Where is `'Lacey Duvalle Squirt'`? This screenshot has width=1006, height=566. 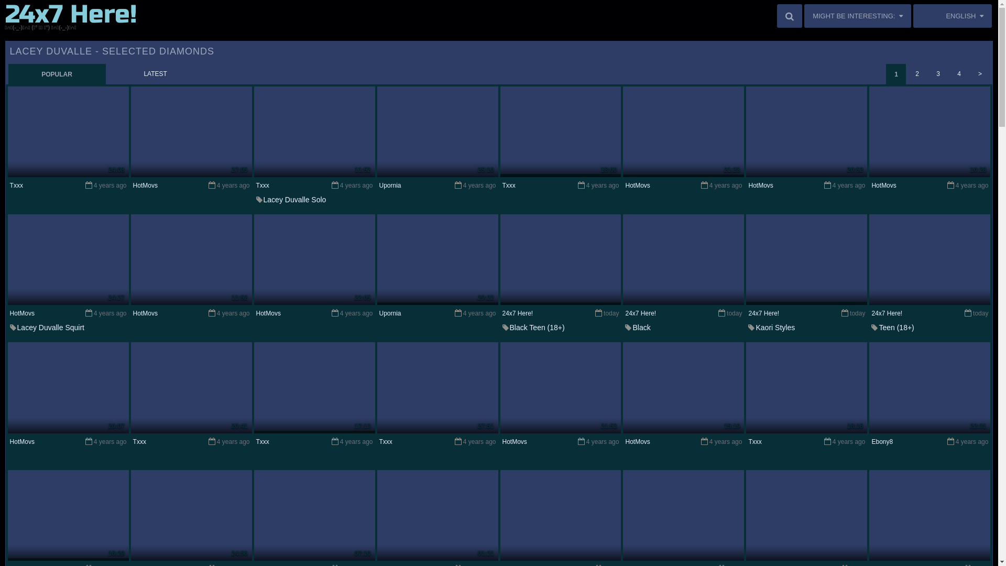 'Lacey Duvalle Squirt' is located at coordinates (50, 326).